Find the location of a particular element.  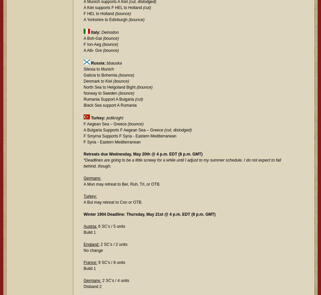

'F Aegean Sea – Greece' is located at coordinates (106, 123).